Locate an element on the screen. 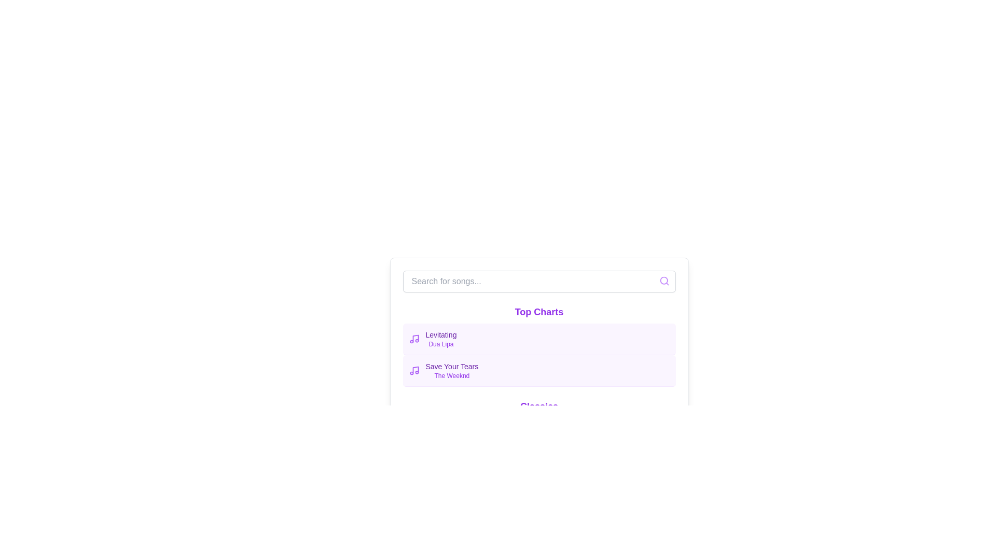  the search icon located inside the text input field, aligned to its right edge is located at coordinates (664, 281).